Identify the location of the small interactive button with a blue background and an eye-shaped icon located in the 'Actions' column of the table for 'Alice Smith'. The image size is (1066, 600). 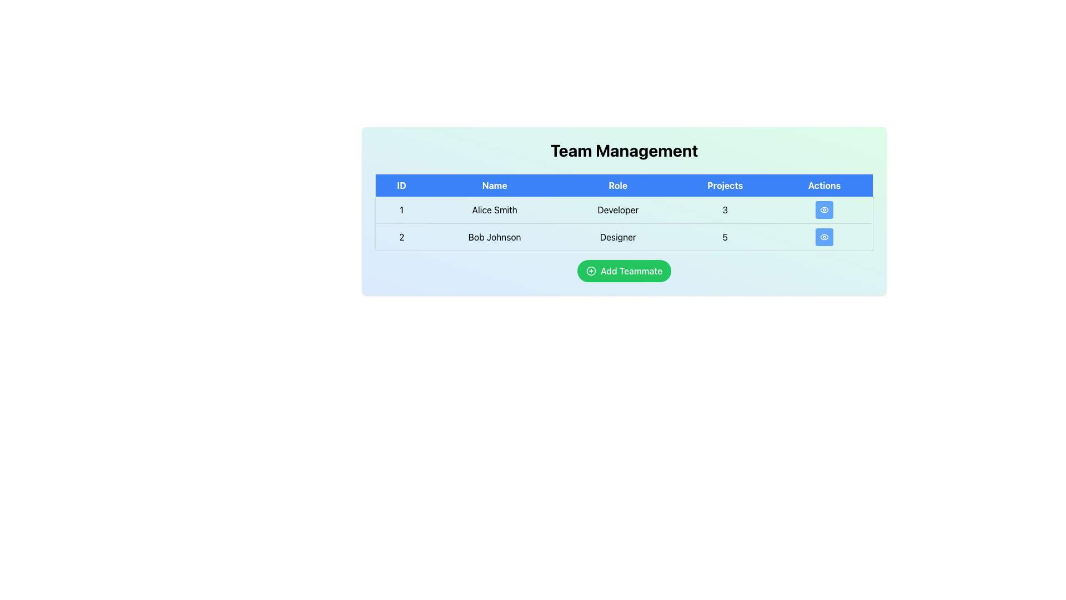
(824, 210).